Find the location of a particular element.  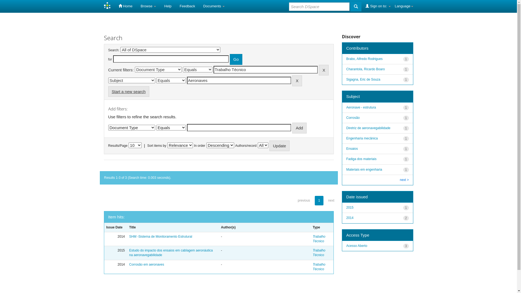

'Language' is located at coordinates (404, 6).